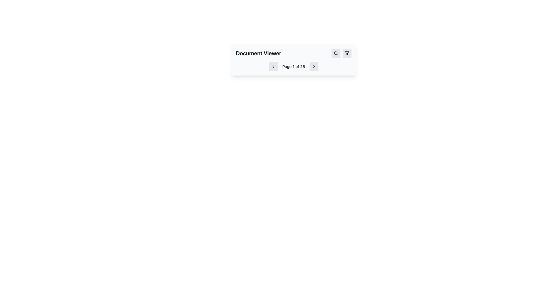 The width and height of the screenshot is (534, 300). What do you see at coordinates (347, 53) in the screenshot?
I see `the second button in the group of two buttons located at the top-right corner of the interface to apply a filter` at bounding box center [347, 53].